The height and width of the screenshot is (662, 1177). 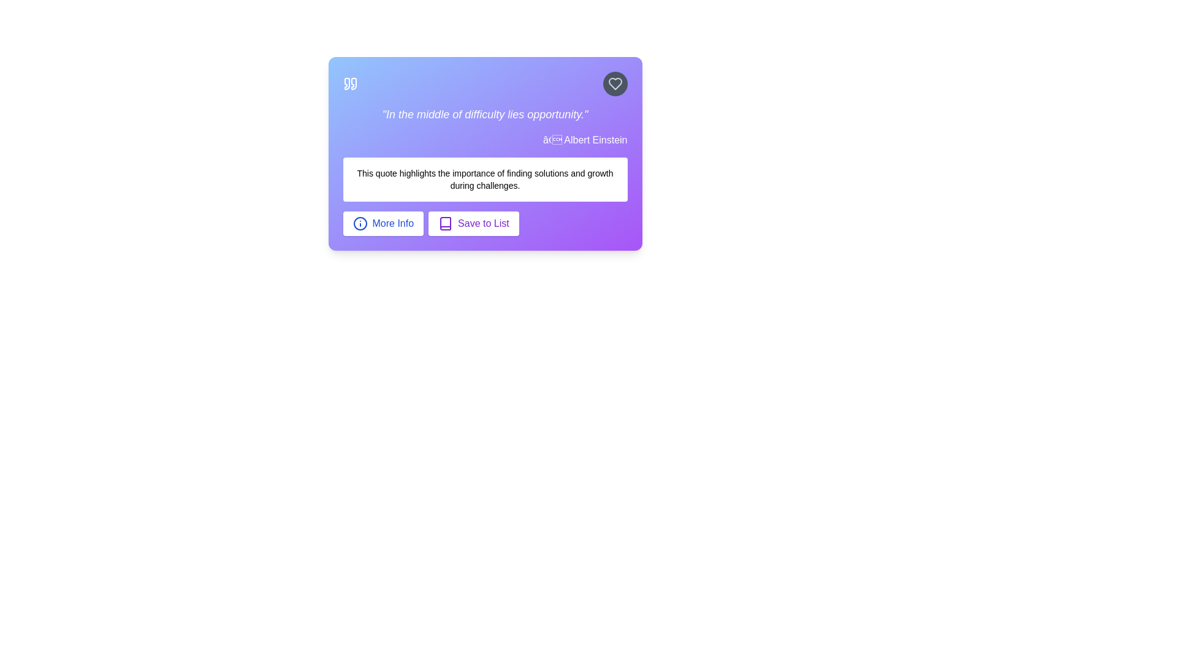 I want to click on the icons located in the Decorative Bar with Icons at the top of the quote card, so click(x=484, y=83).